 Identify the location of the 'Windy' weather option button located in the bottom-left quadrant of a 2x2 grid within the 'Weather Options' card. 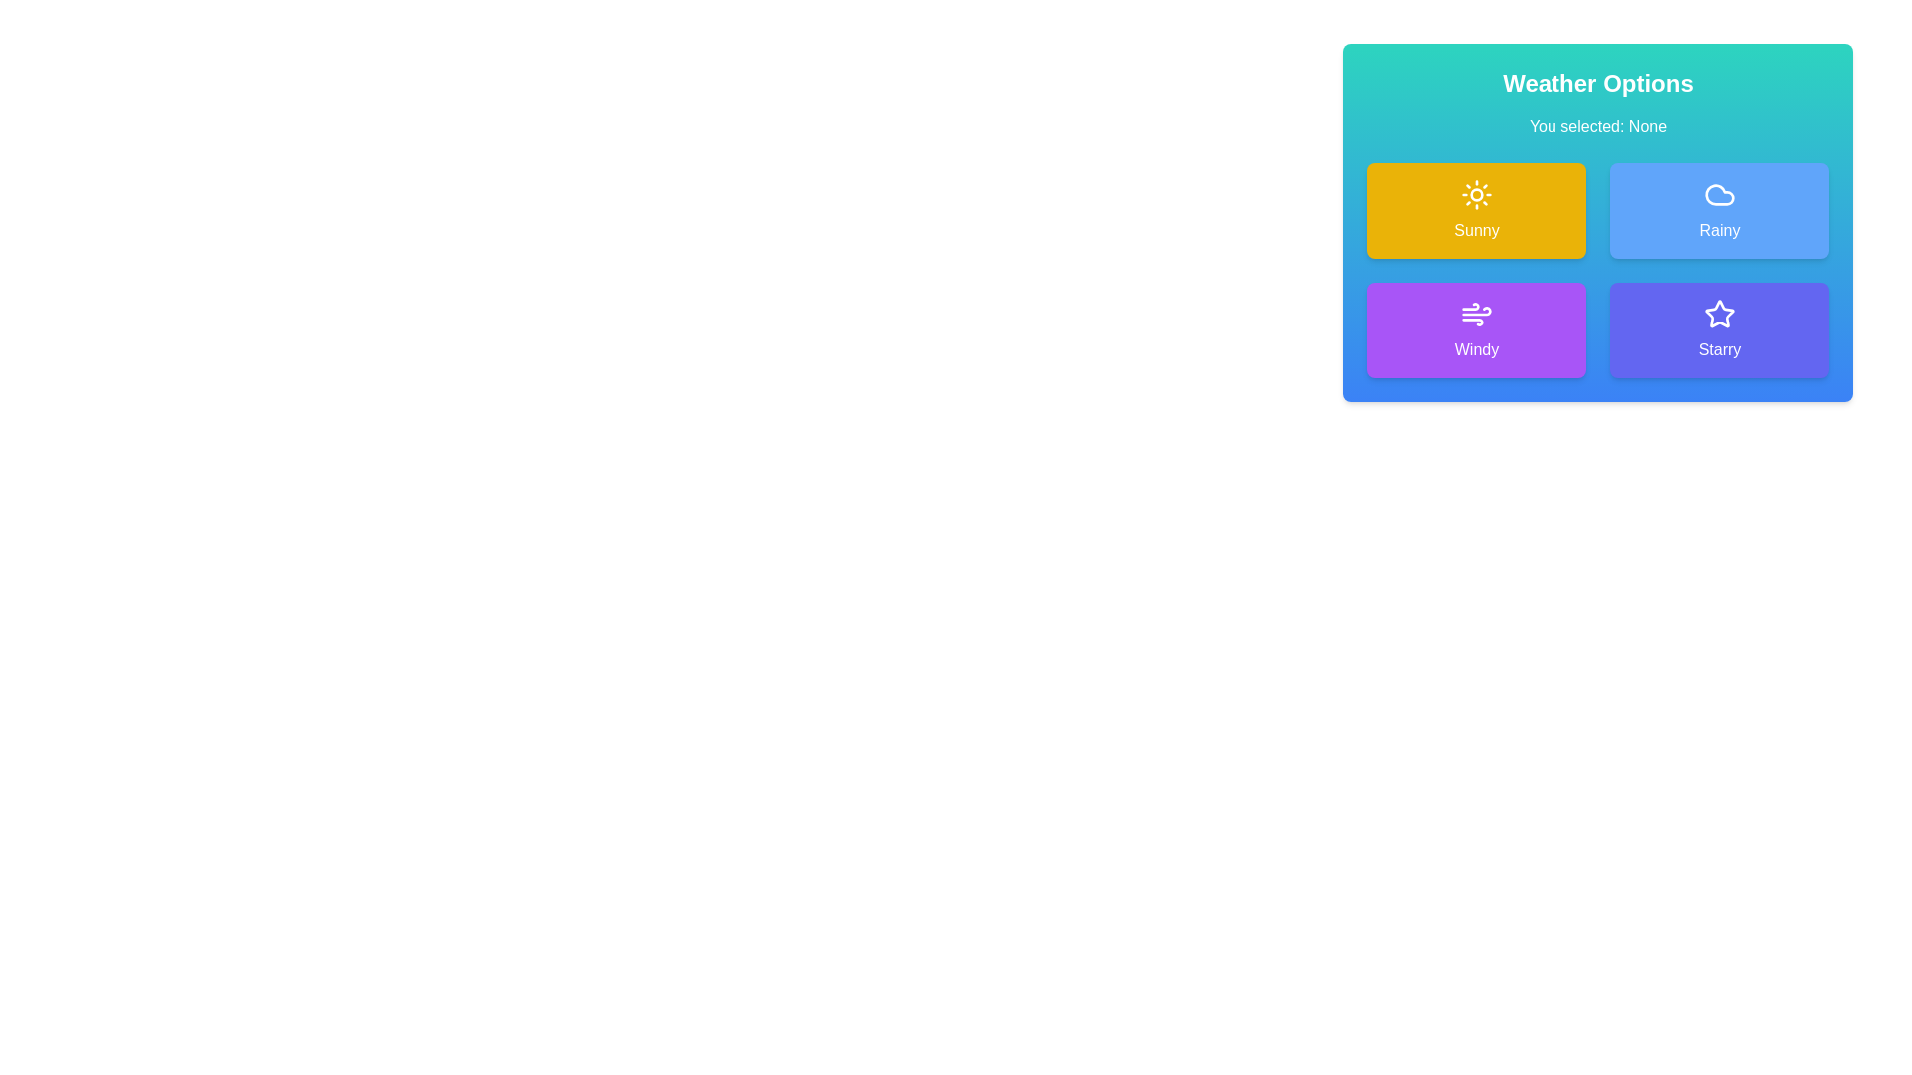
(1477, 328).